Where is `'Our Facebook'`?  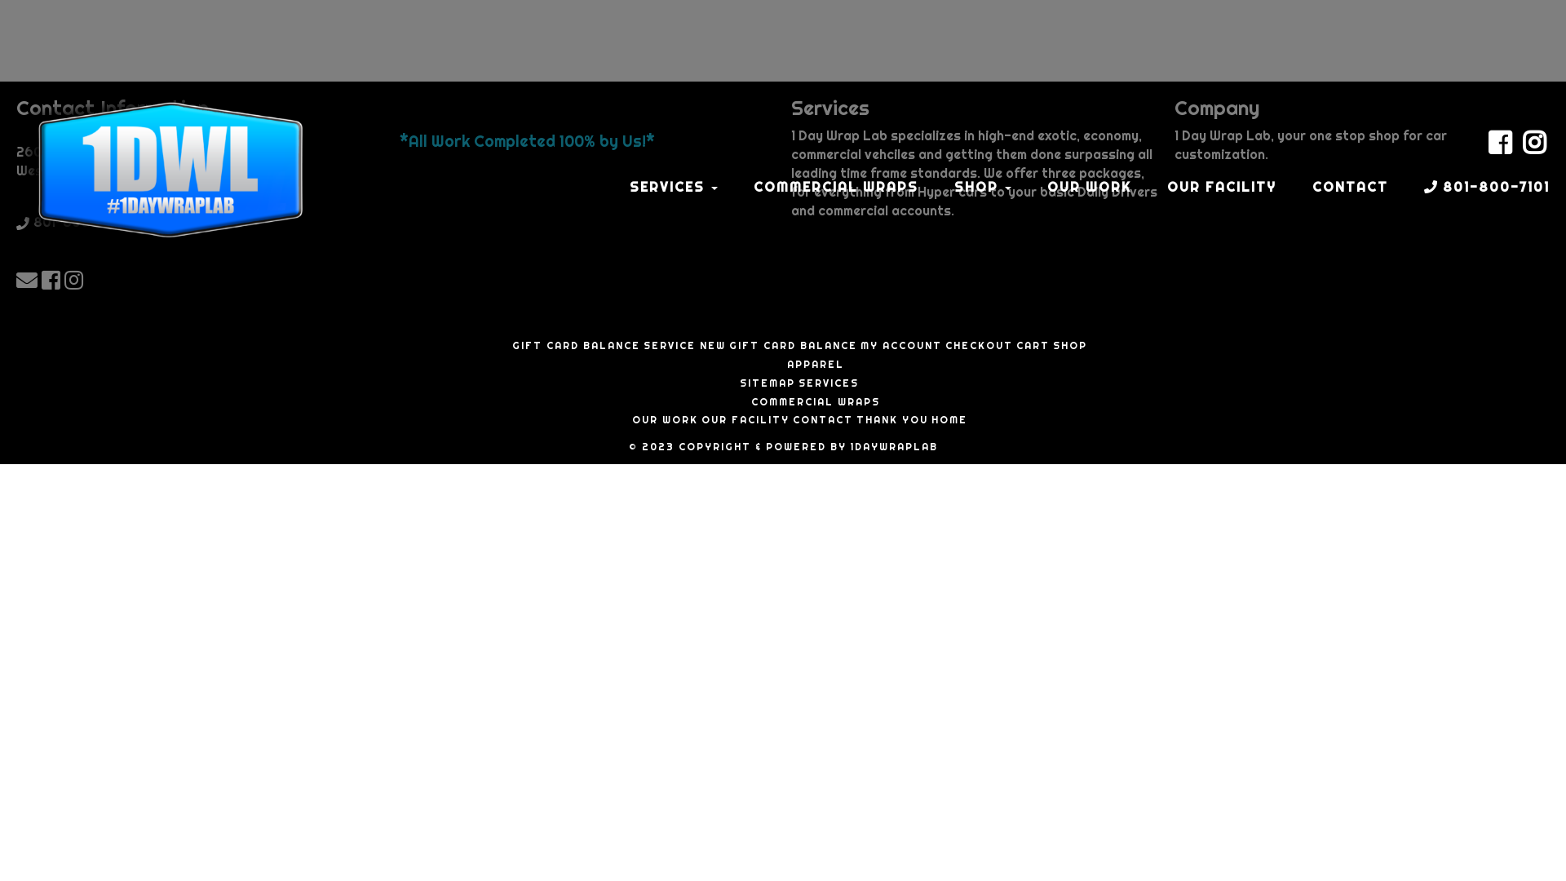 'Our Facebook' is located at coordinates (53, 279).